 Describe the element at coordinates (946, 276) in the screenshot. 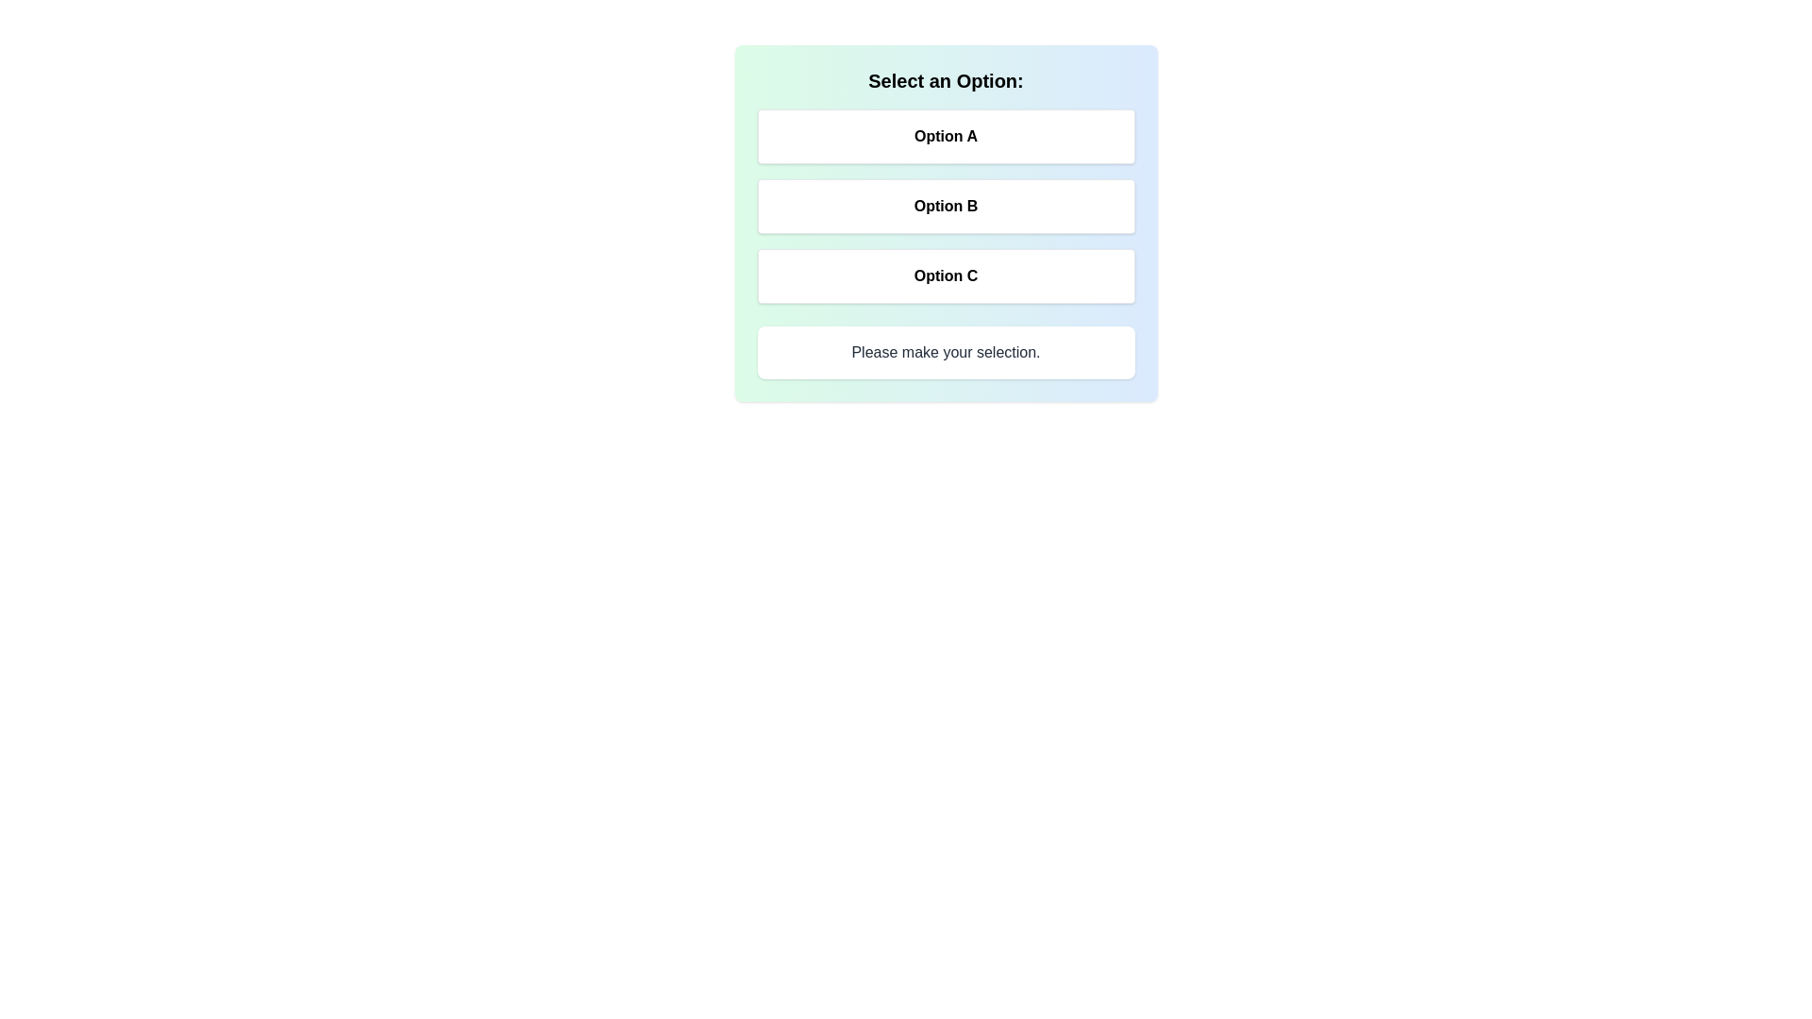

I see `the button-like clickable box` at that location.